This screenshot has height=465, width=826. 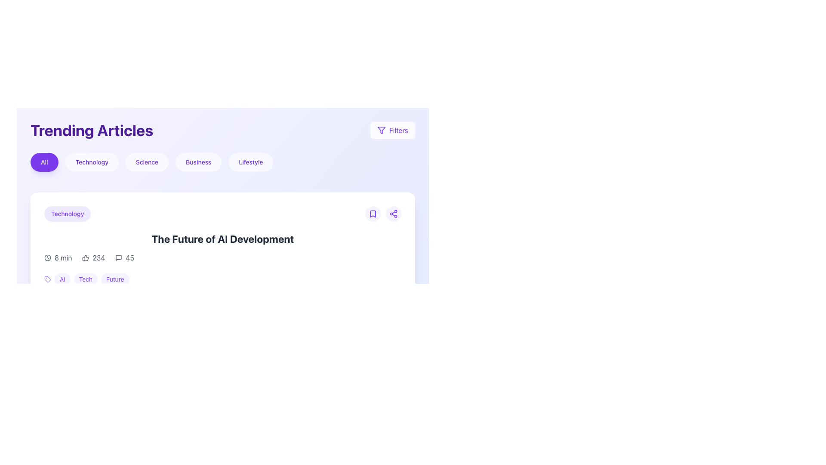 What do you see at coordinates (86, 257) in the screenshot?
I see `the thumbs-up icon used for liking content` at bounding box center [86, 257].